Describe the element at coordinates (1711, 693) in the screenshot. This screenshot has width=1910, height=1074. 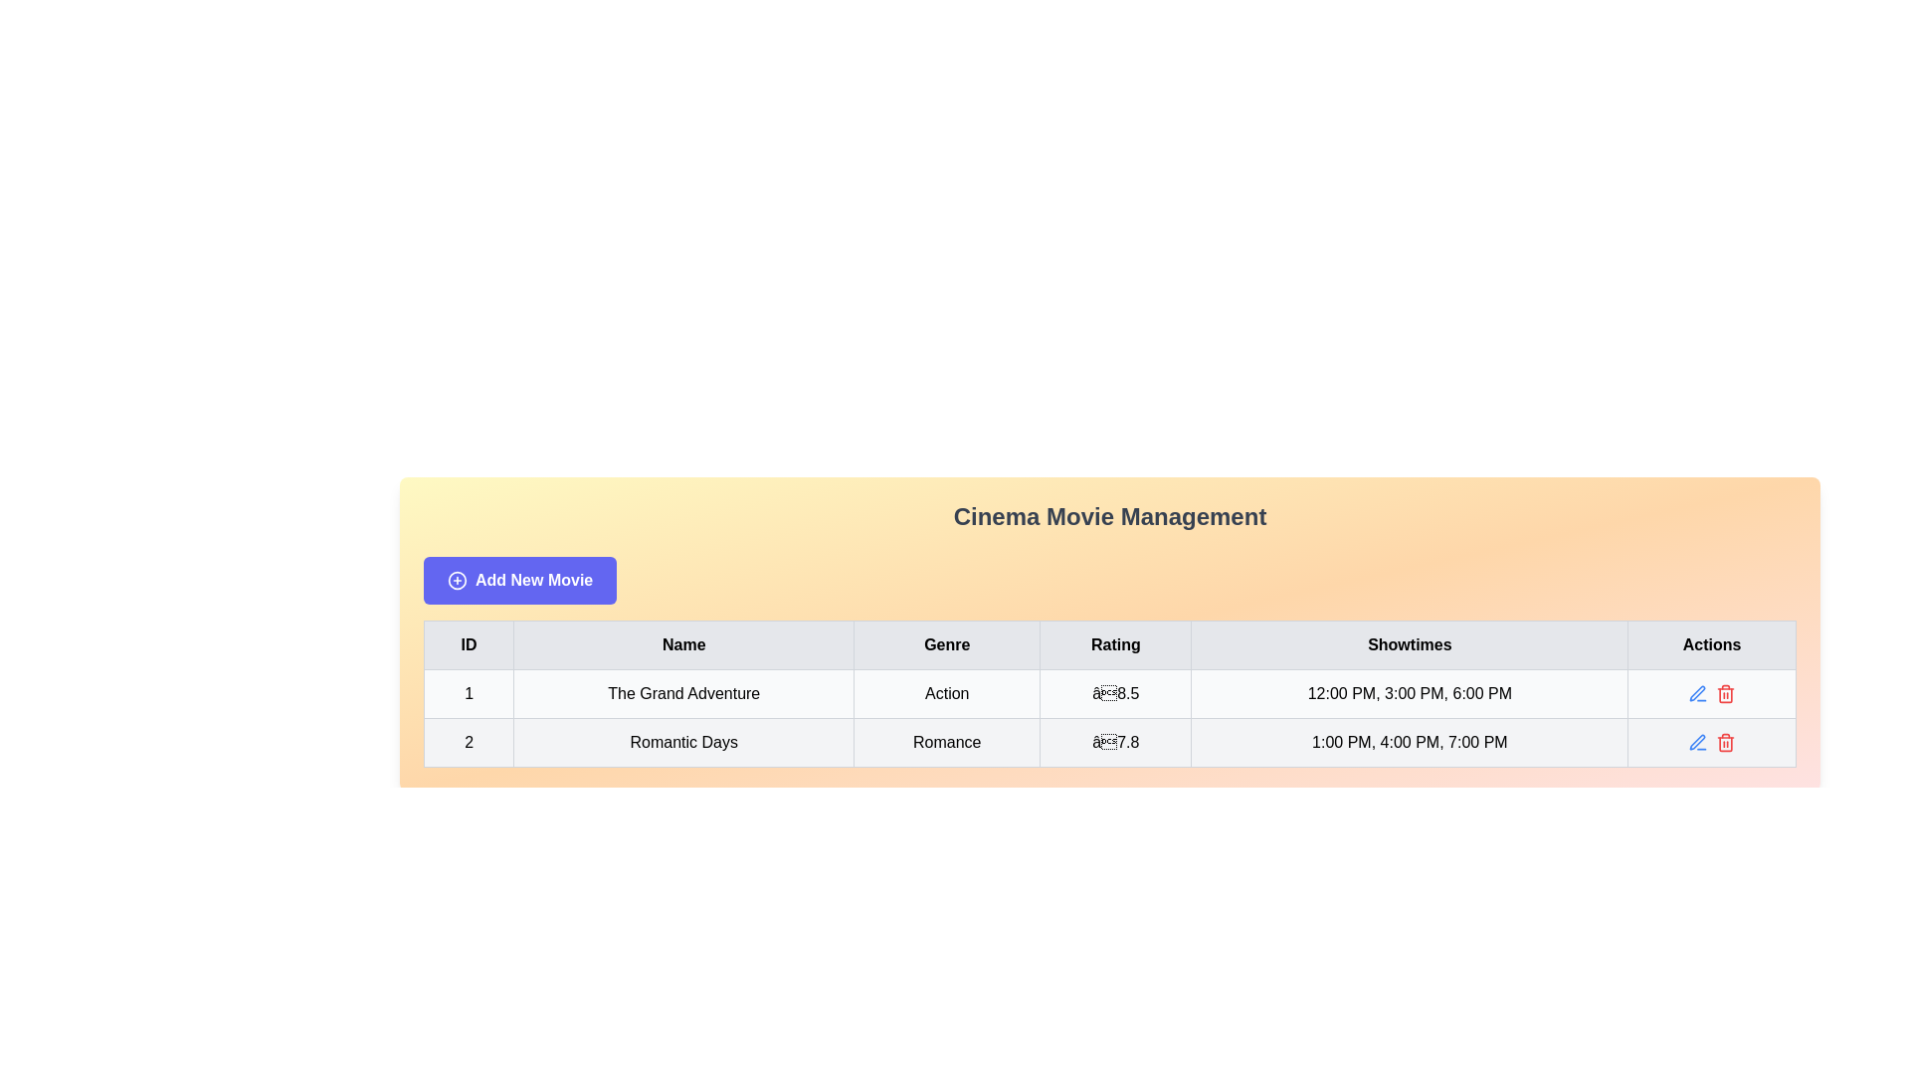
I see `the blue pencil icon in the Actions cell of the first row to initiate editing` at that location.